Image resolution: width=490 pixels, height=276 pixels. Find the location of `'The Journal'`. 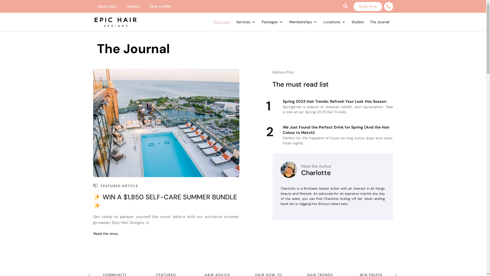

'The Journal' is located at coordinates (380, 22).